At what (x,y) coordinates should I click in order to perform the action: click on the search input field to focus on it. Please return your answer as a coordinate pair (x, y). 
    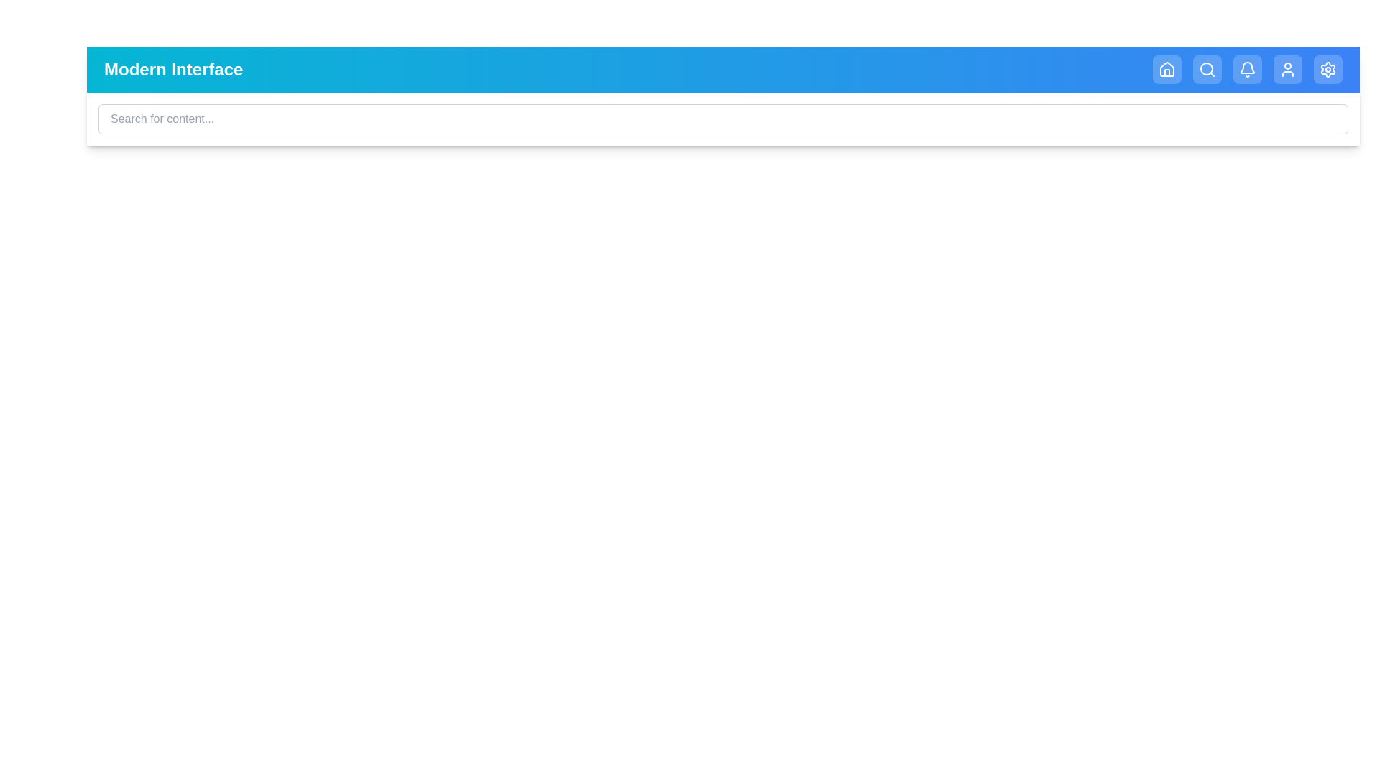
    Looking at the image, I should click on (723, 118).